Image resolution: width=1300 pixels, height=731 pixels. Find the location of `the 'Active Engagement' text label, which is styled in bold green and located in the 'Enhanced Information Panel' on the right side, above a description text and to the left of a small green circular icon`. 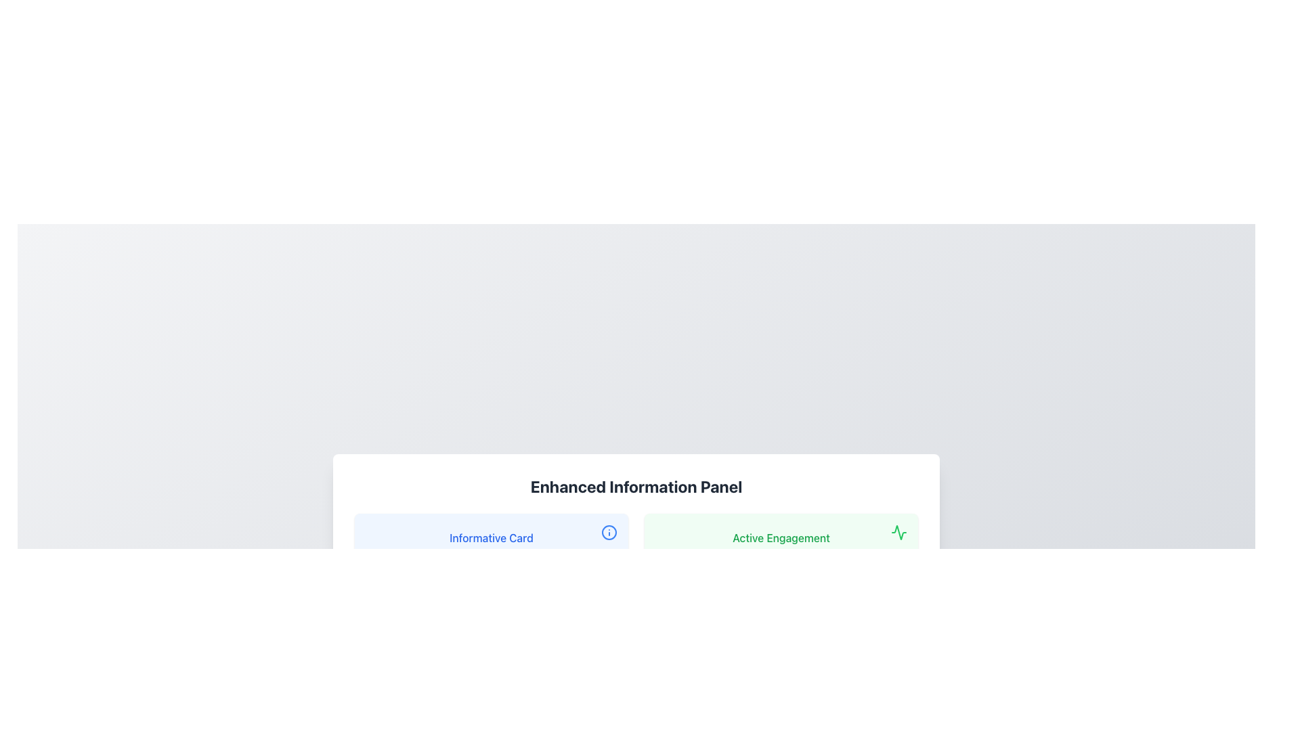

the 'Active Engagement' text label, which is styled in bold green and located in the 'Enhanced Information Panel' on the right side, above a description text and to the left of a small green circular icon is located at coordinates (781, 537).